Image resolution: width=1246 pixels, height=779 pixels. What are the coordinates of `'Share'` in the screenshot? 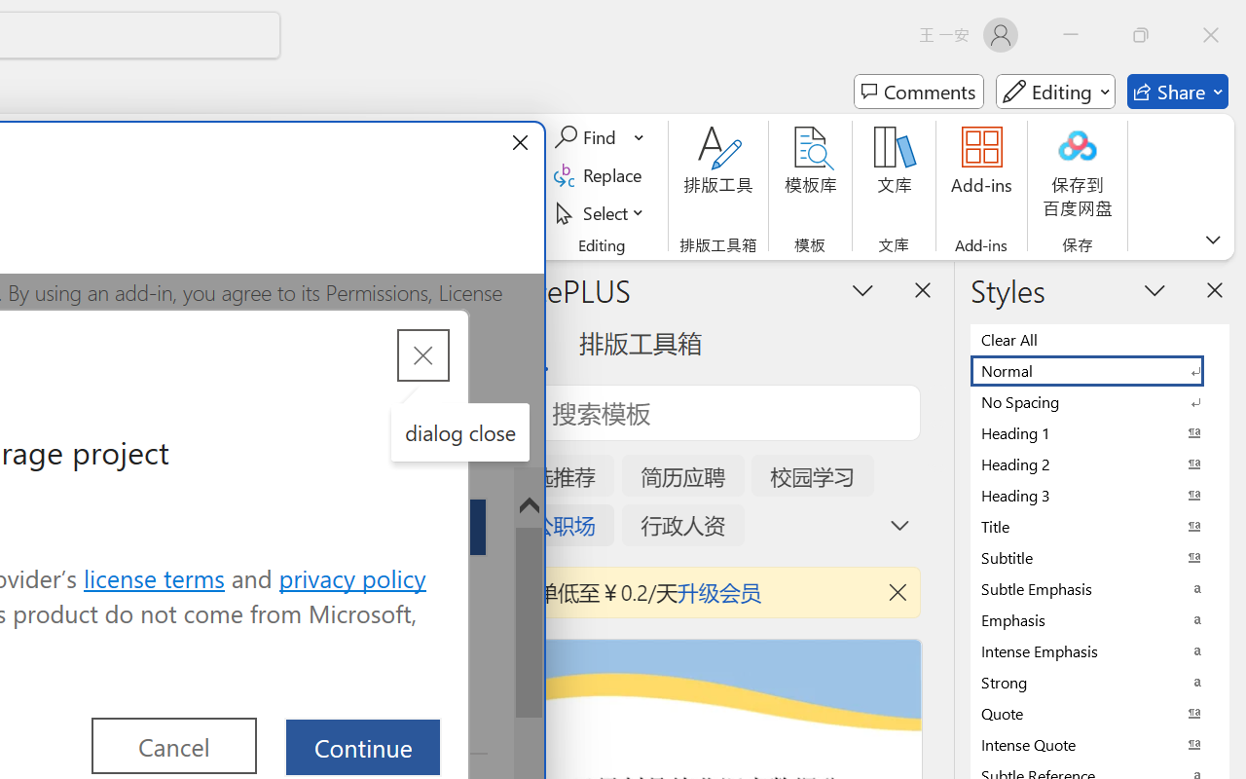 It's located at (1177, 92).